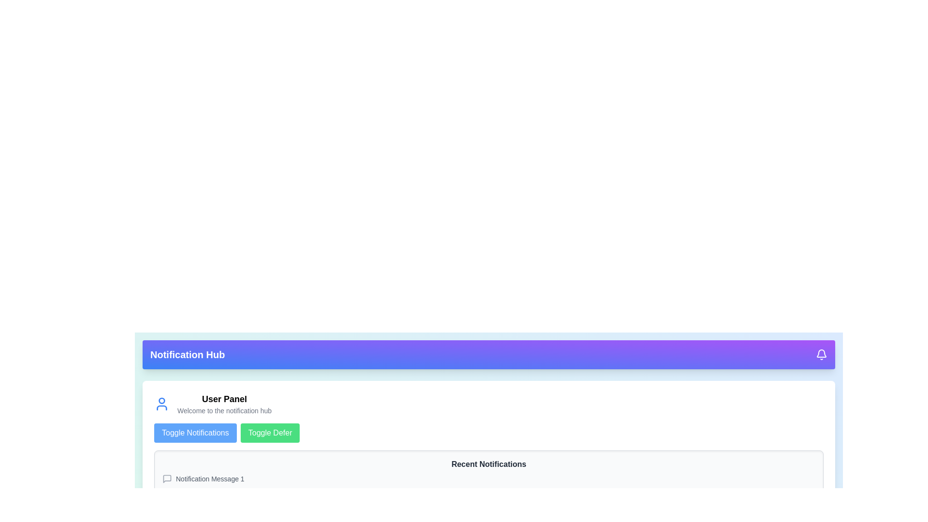  What do you see at coordinates (167, 505) in the screenshot?
I see `the message indicator icon, which resembles a speech bubble or message square, located at the bottom of the user interface near the user panel's content` at bounding box center [167, 505].